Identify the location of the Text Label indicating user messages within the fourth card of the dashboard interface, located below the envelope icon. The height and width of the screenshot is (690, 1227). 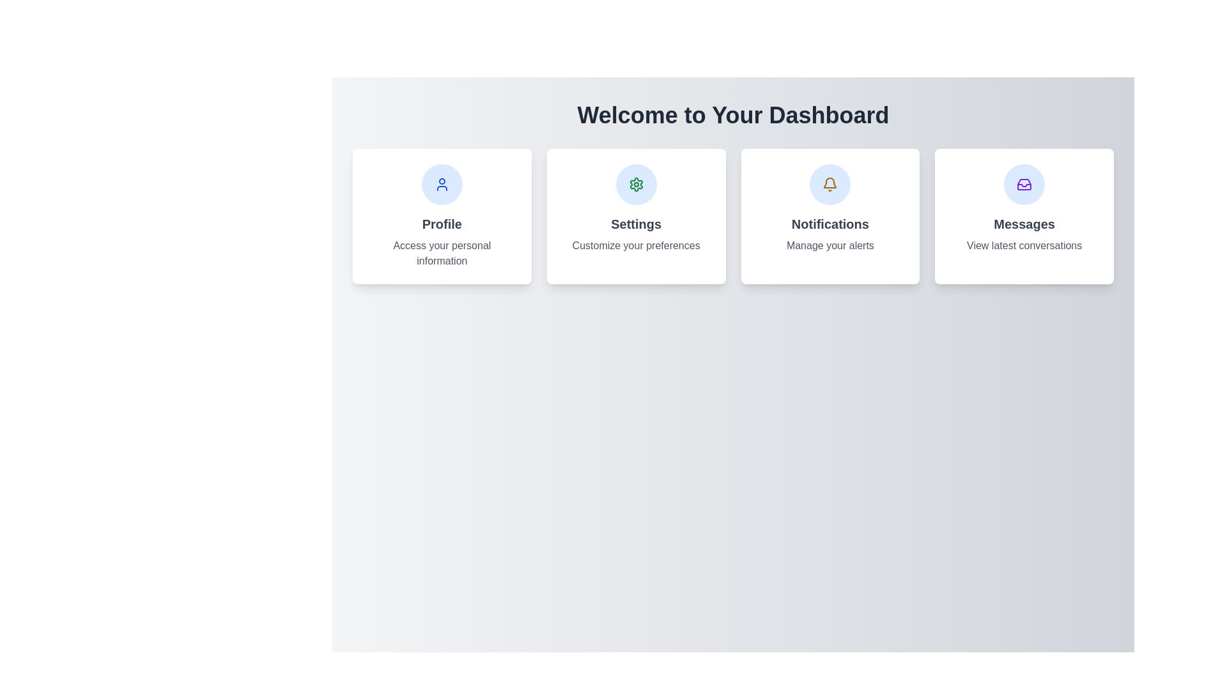
(1024, 224).